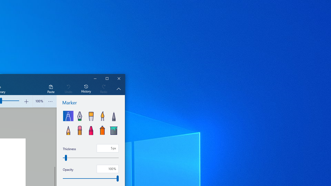  Describe the element at coordinates (102, 115) in the screenshot. I see `'Watercolor'` at that location.